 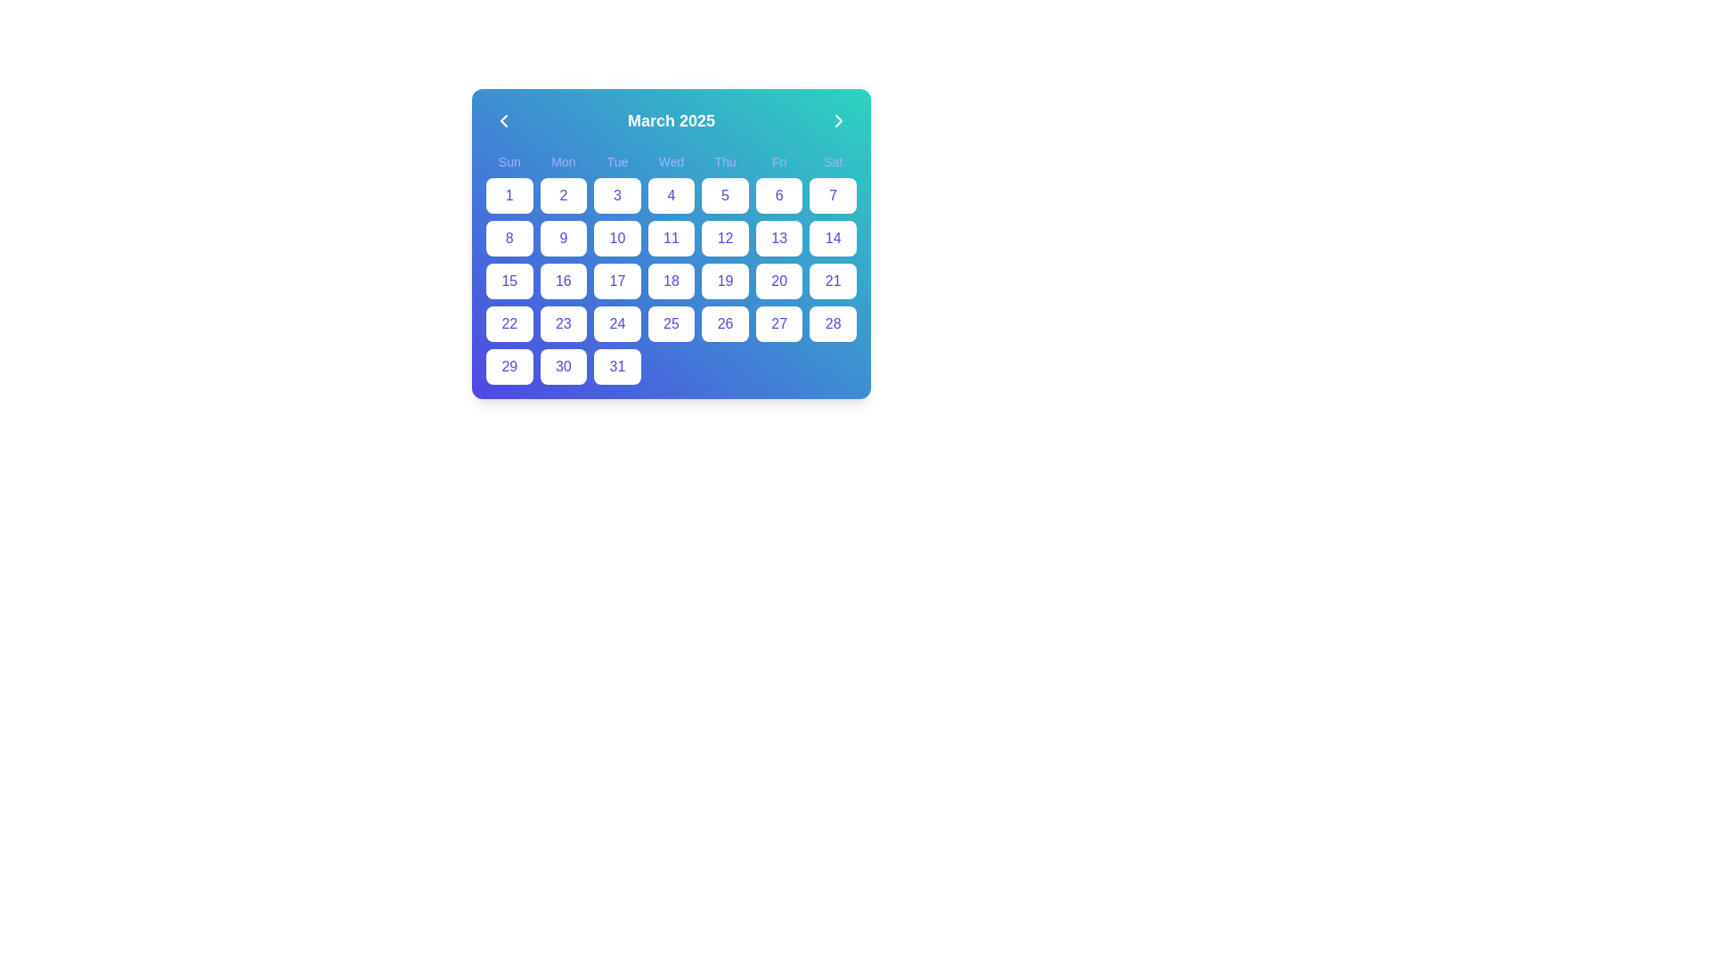 What do you see at coordinates (617, 281) in the screenshot?
I see `the square button with rounded edges displaying the text '17' in blue font, located in the third column and third row of the grid layout in the calendar interface` at bounding box center [617, 281].